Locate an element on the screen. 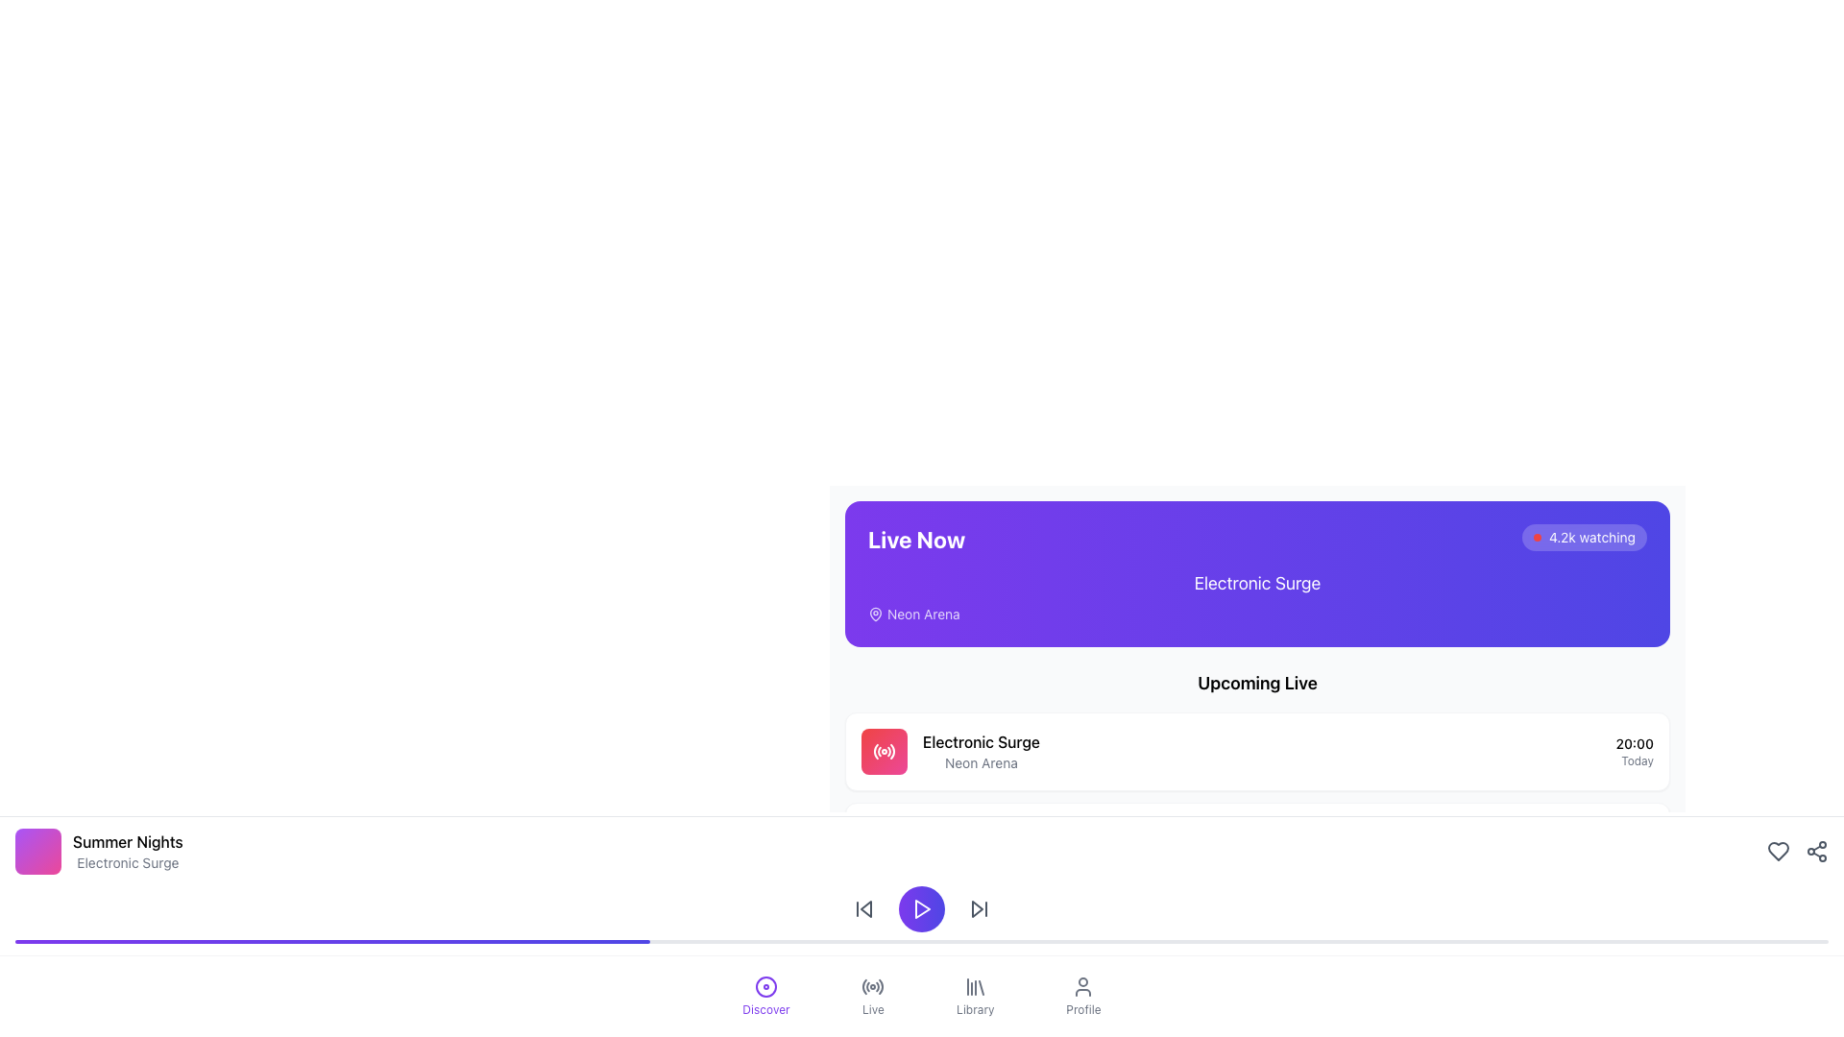 This screenshot has height=1037, width=1844. the Text Display (Dual-line) element featuring 'Summer Nights' and 'Electronic Surge', located in the bottom-left corner of the interface is located at coordinates (127, 851).